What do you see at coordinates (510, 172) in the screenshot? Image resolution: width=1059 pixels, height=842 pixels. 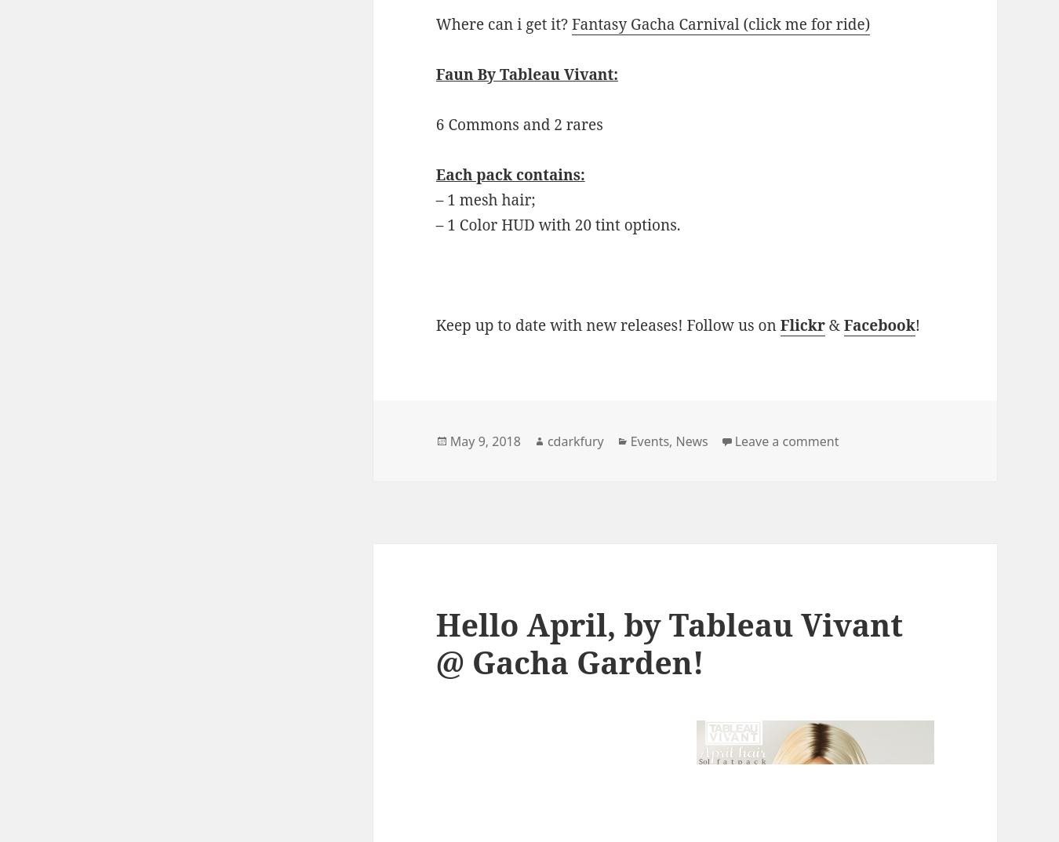 I see `'Each pack contains:'` at bounding box center [510, 172].